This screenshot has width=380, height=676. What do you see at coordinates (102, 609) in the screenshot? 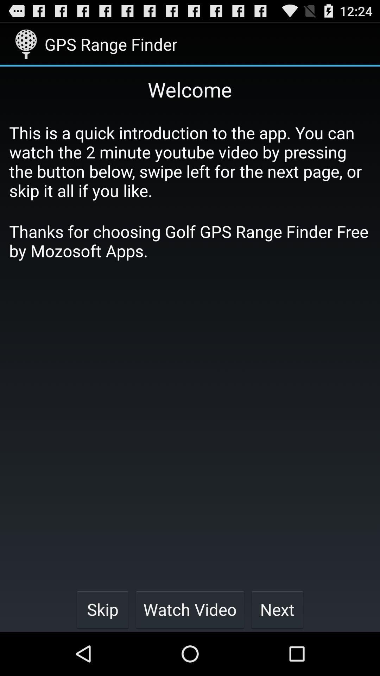
I see `the item to the left of watch video button` at bounding box center [102, 609].